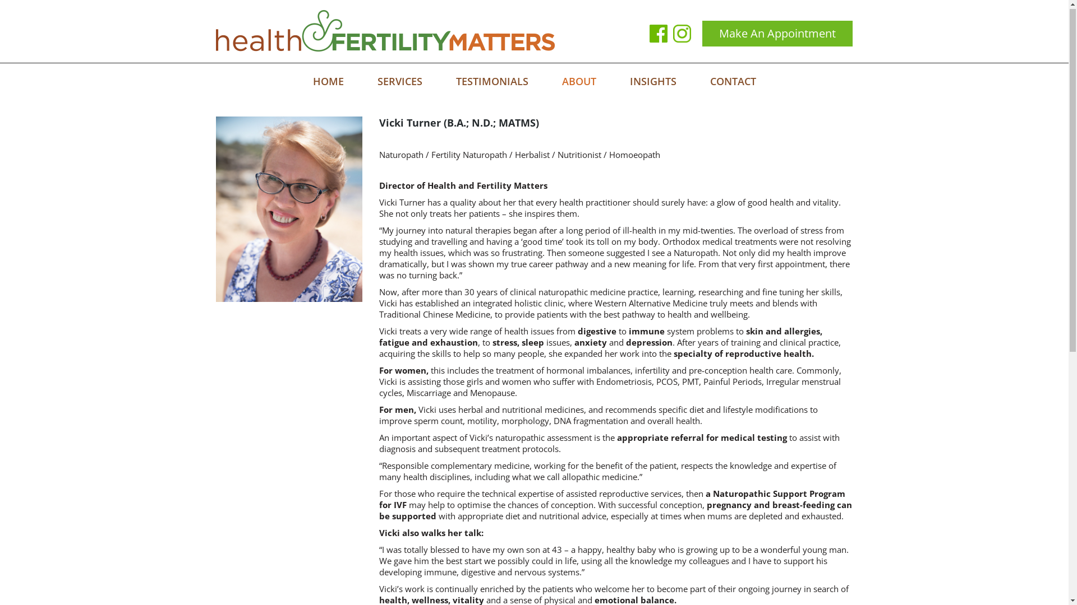  What do you see at coordinates (578, 81) in the screenshot?
I see `'ABOUT'` at bounding box center [578, 81].